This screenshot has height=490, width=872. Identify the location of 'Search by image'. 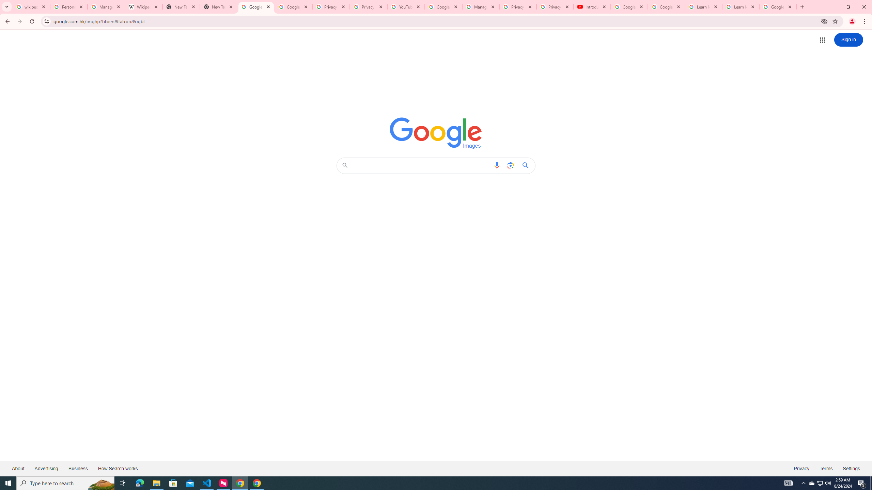
(510, 165).